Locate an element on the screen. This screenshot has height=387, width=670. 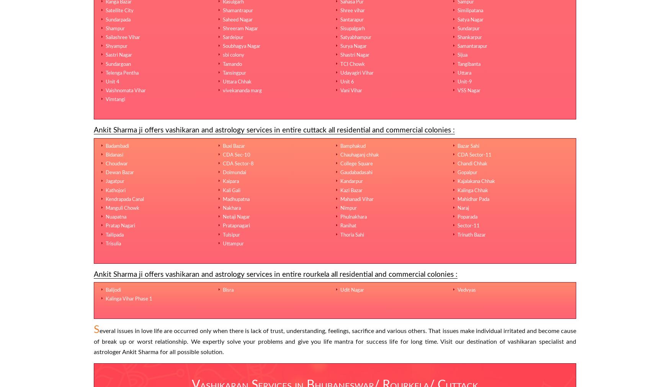
'Kazi Bazar' is located at coordinates (351, 190).